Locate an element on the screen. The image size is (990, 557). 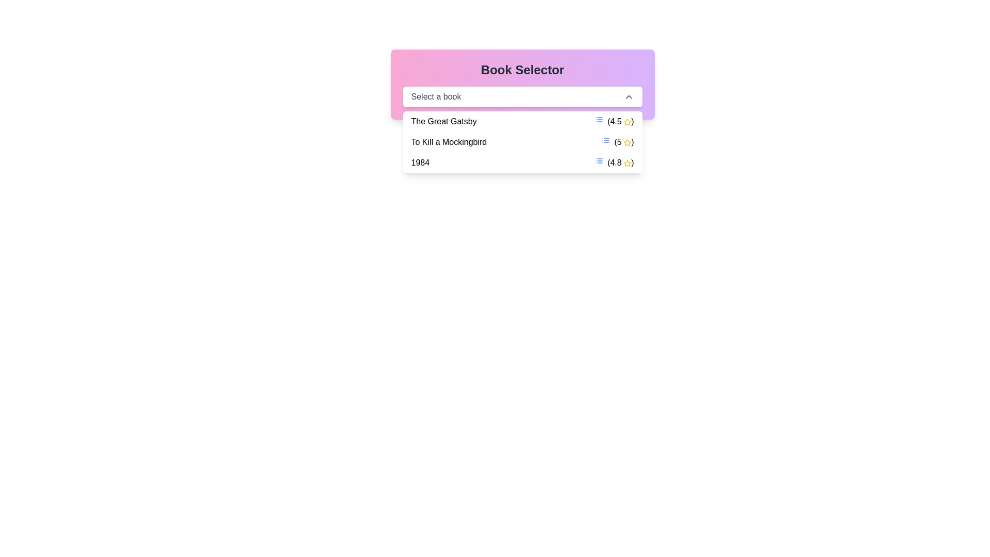
the star icon used to denote the favorite status for the item '1984', which is positioned to the right of the numerical rating '4.8' is located at coordinates (627, 162).